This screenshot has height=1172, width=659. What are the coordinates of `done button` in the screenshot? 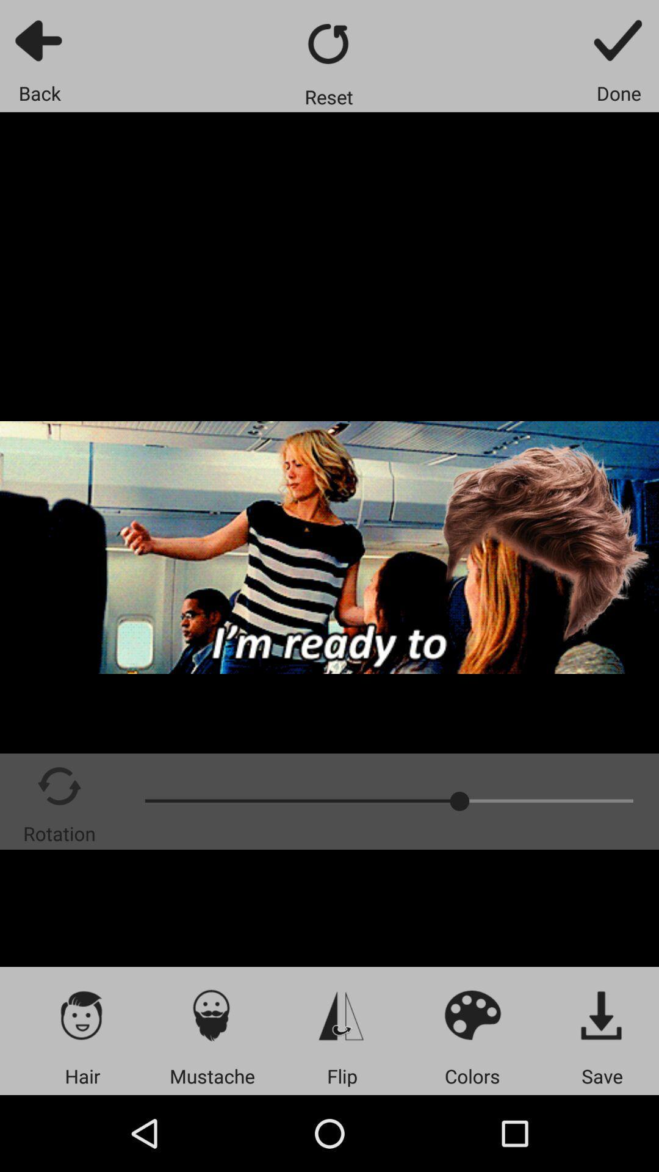 It's located at (619, 40).